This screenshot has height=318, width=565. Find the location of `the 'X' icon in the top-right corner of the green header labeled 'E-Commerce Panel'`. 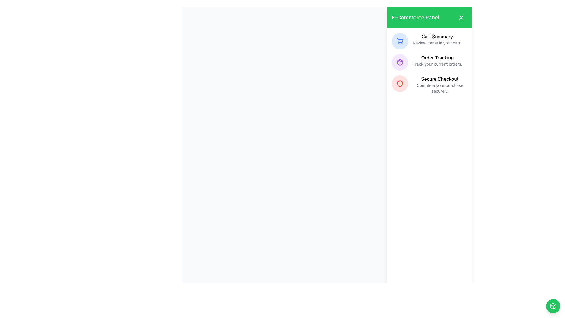

the 'X' icon in the top-right corner of the green header labeled 'E-Commerce Panel' is located at coordinates (461, 17).